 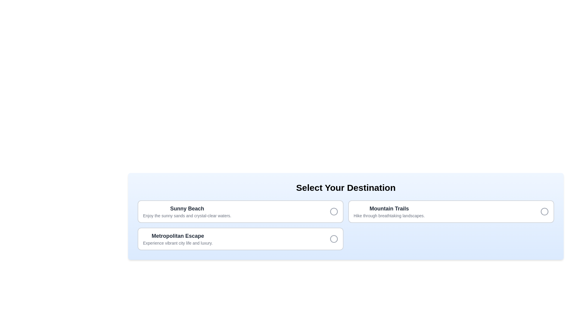 What do you see at coordinates (187, 215) in the screenshot?
I see `description text label that contains 'Enjoy the sunny sands and crystal-clear waters.', which is styled in a smaller, gray font and located below the heading 'Sunny Beach'` at bounding box center [187, 215].